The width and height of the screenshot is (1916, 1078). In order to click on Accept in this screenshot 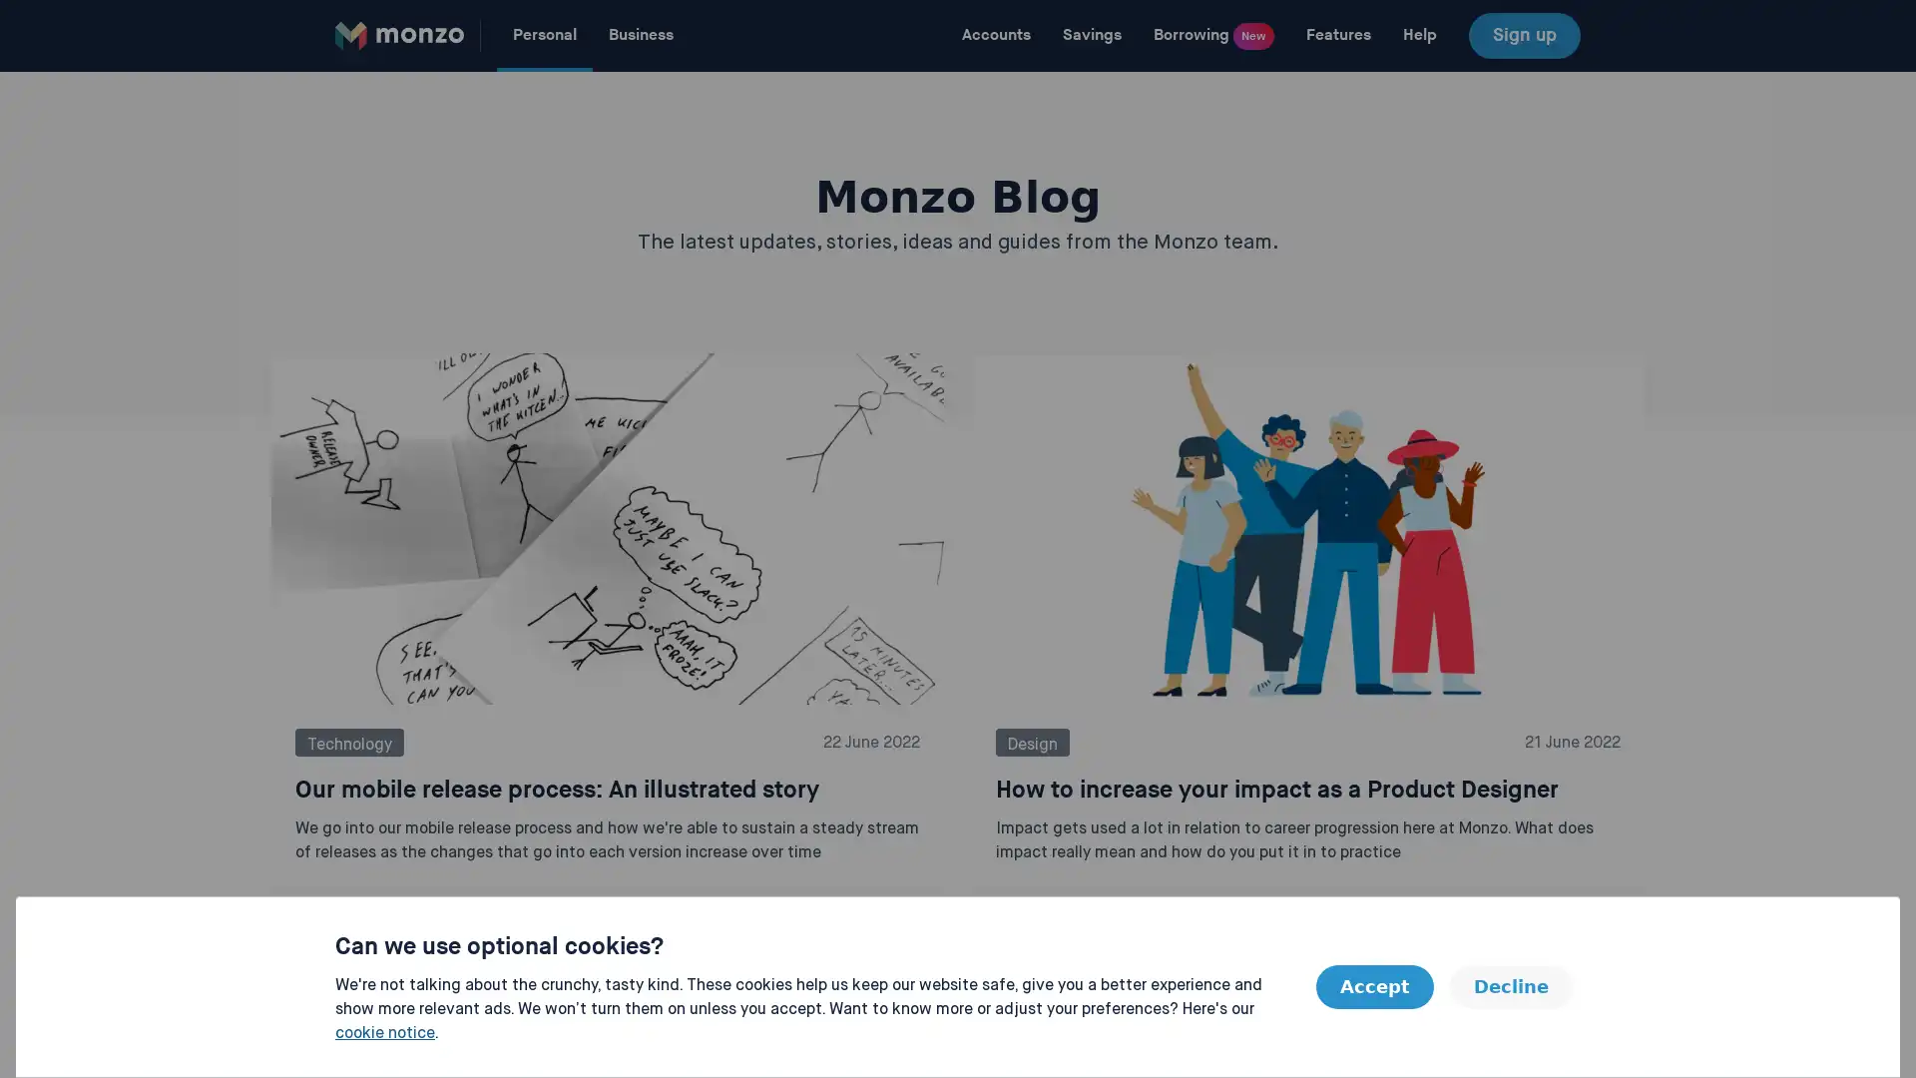, I will do `click(1373, 985)`.